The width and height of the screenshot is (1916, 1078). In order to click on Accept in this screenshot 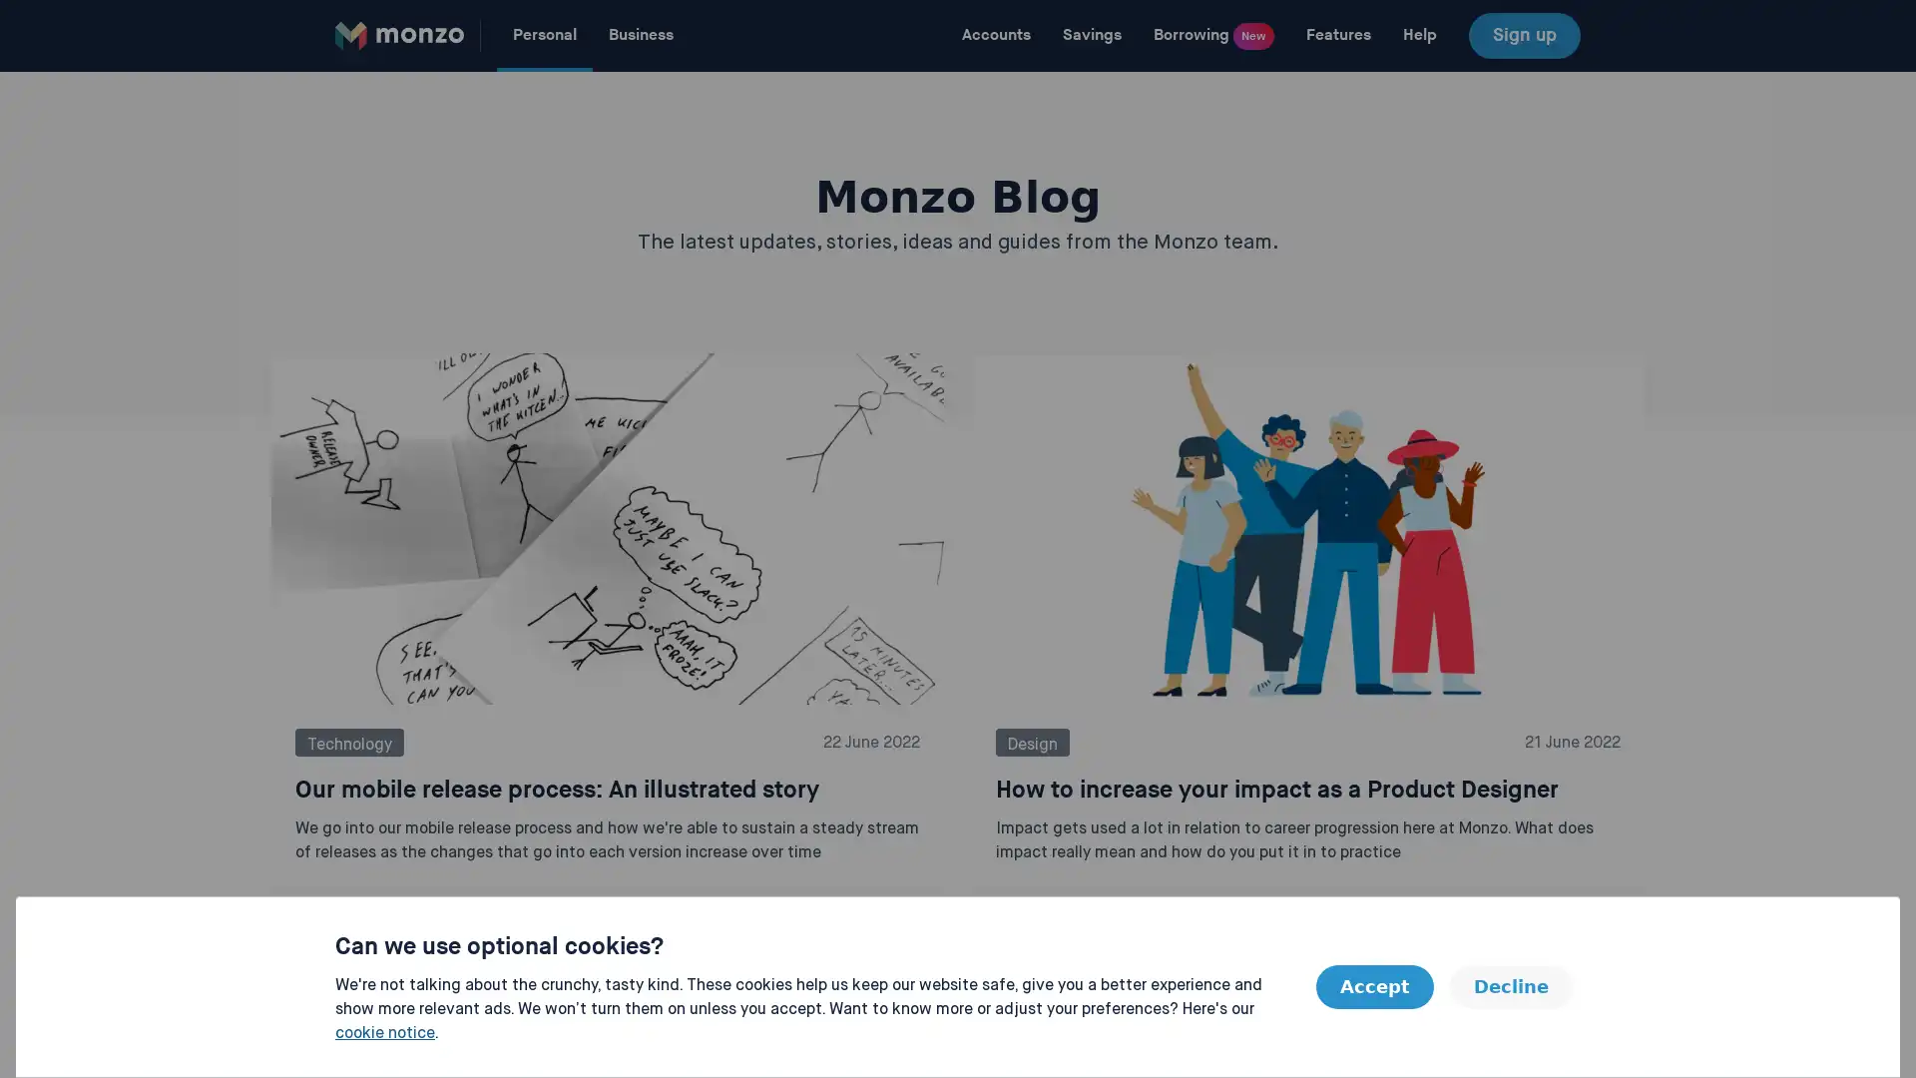, I will do `click(1373, 985)`.